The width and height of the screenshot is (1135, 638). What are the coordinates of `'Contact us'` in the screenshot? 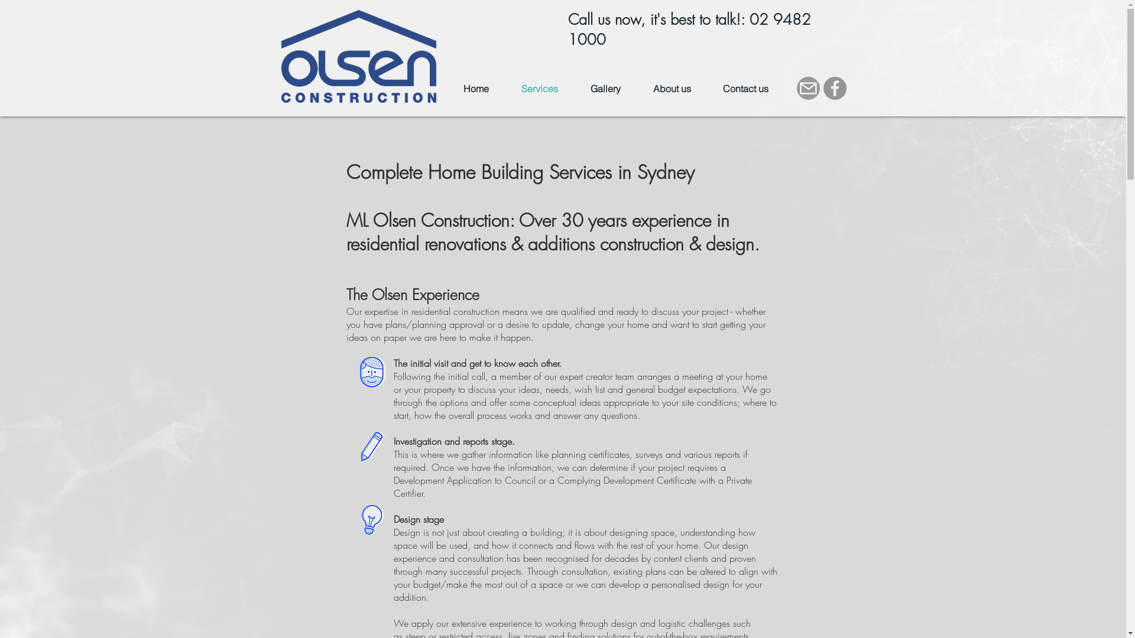 It's located at (706, 88).